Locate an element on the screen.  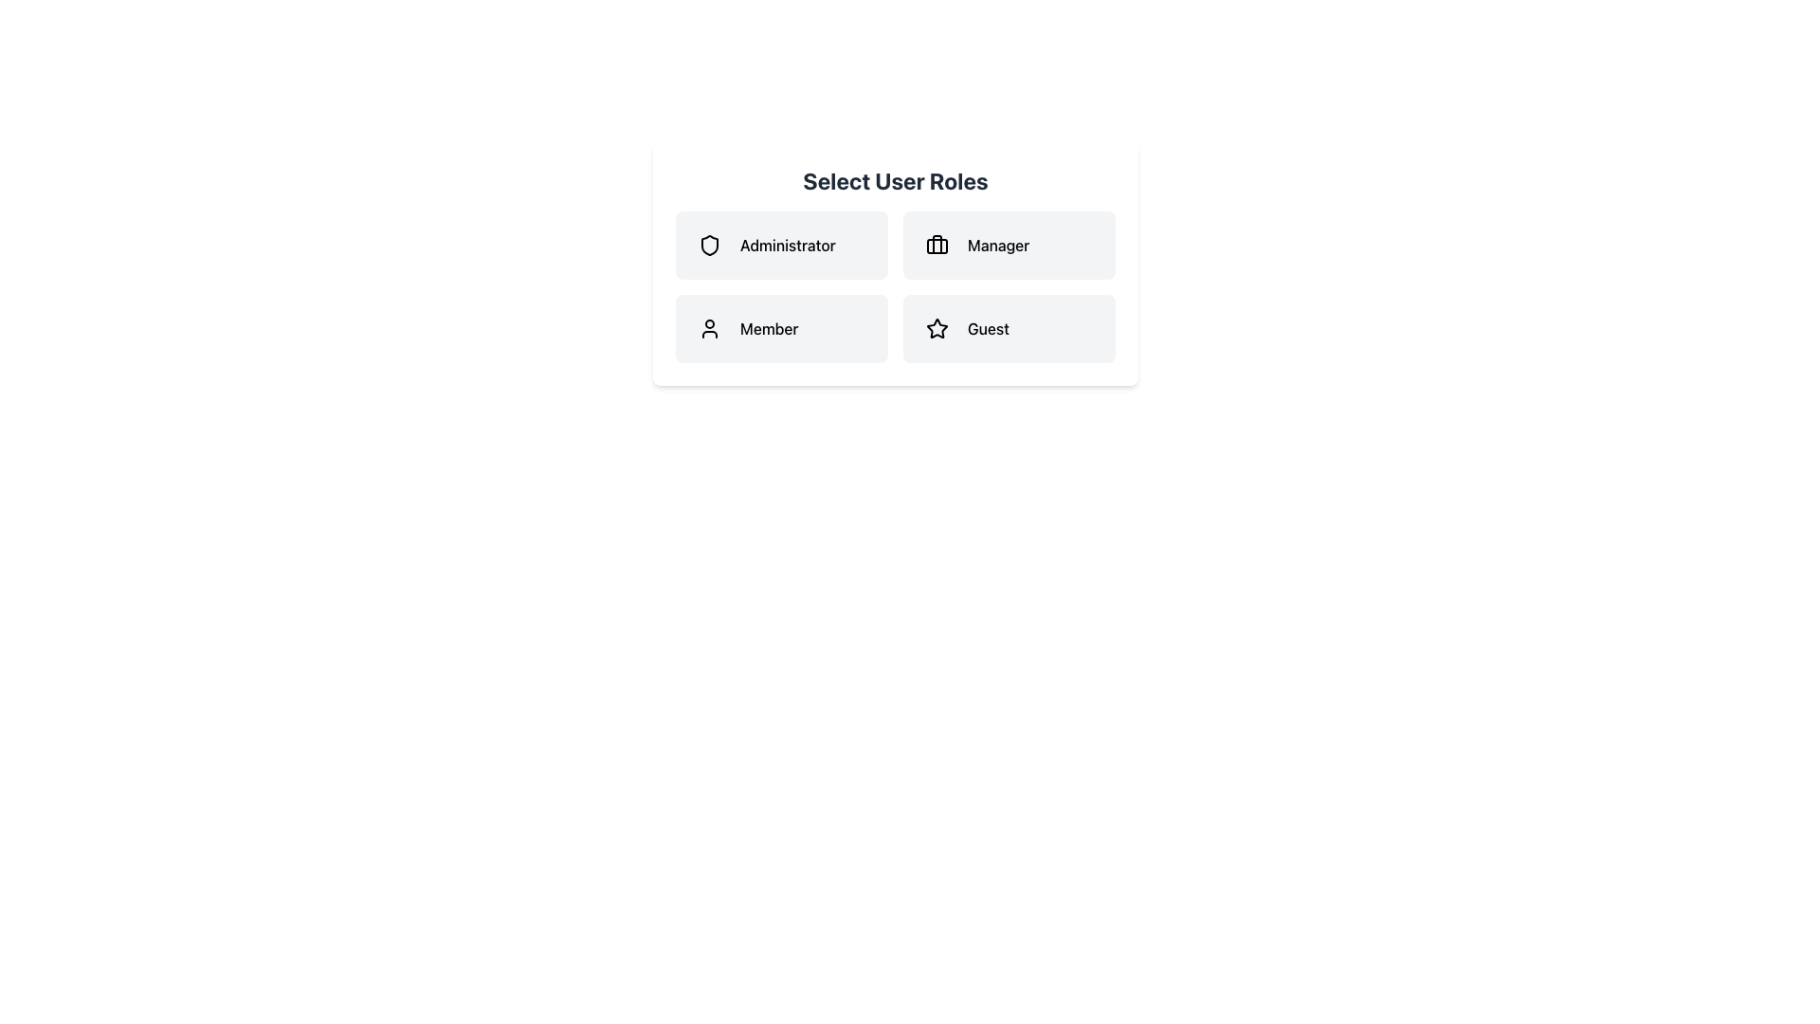
the 'Member' button is located at coordinates (782, 328).